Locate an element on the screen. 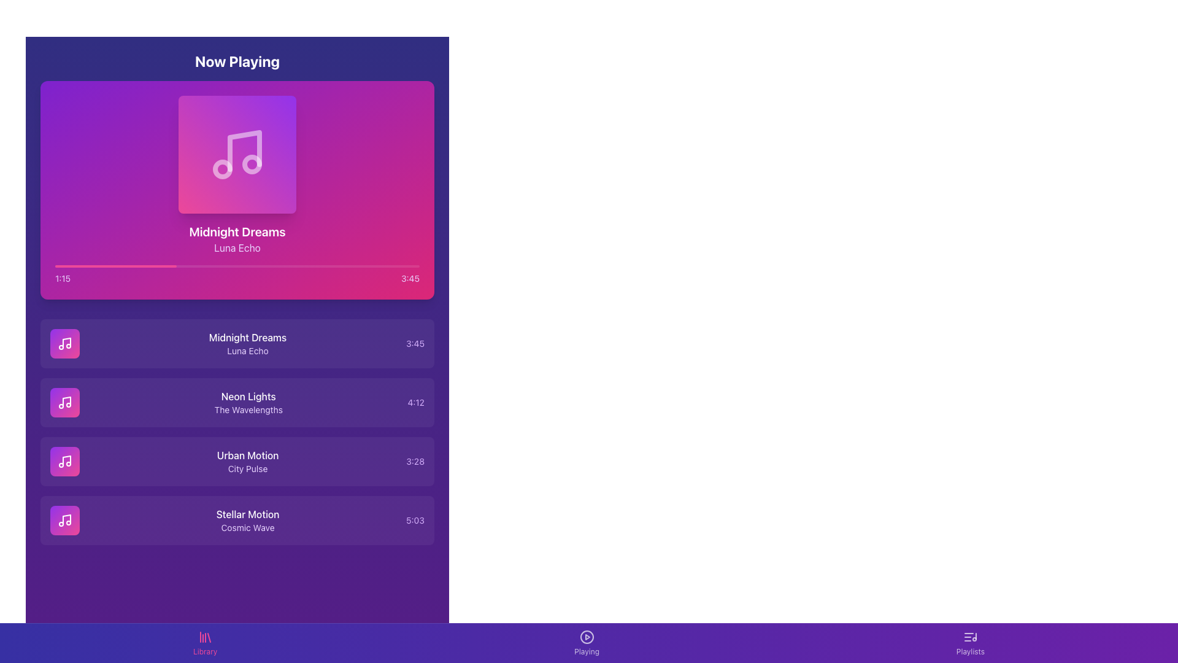 The image size is (1178, 663). the currently playing song interface located prominently at the top center of the Music Player Interface, which provides details about the track, artist, and playback position is located at coordinates (237, 190).